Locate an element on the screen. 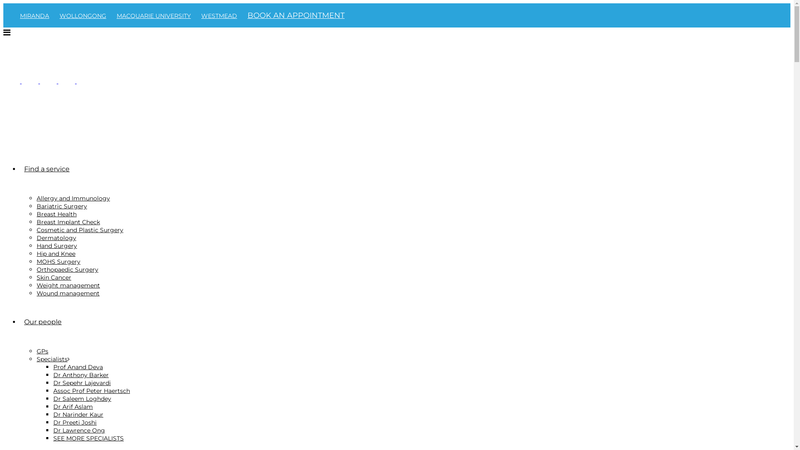 The height and width of the screenshot is (450, 800). 'Our people' is located at coordinates (42, 321).